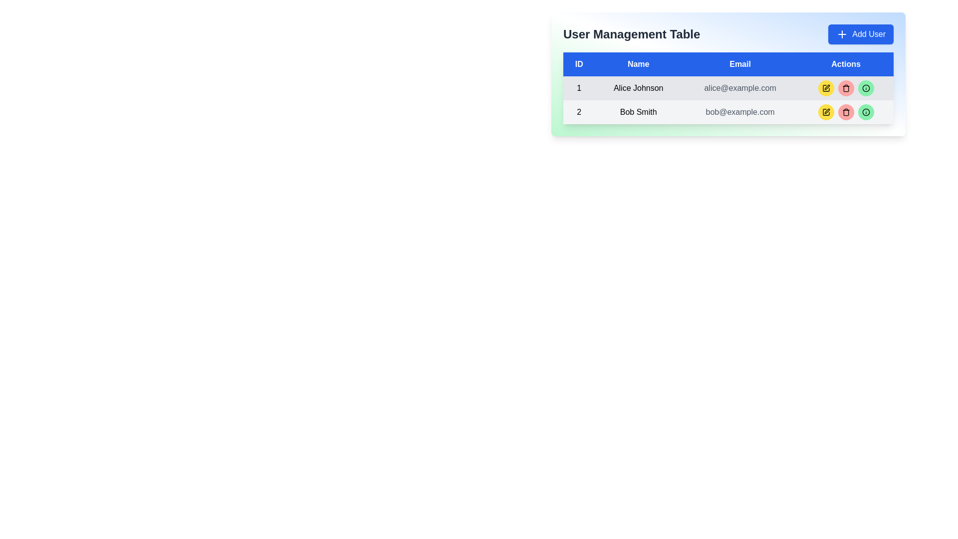 The height and width of the screenshot is (539, 958). What do you see at coordinates (860, 34) in the screenshot?
I see `the 'Add User' button located in the top-right corner of the header section above the user management table` at bounding box center [860, 34].